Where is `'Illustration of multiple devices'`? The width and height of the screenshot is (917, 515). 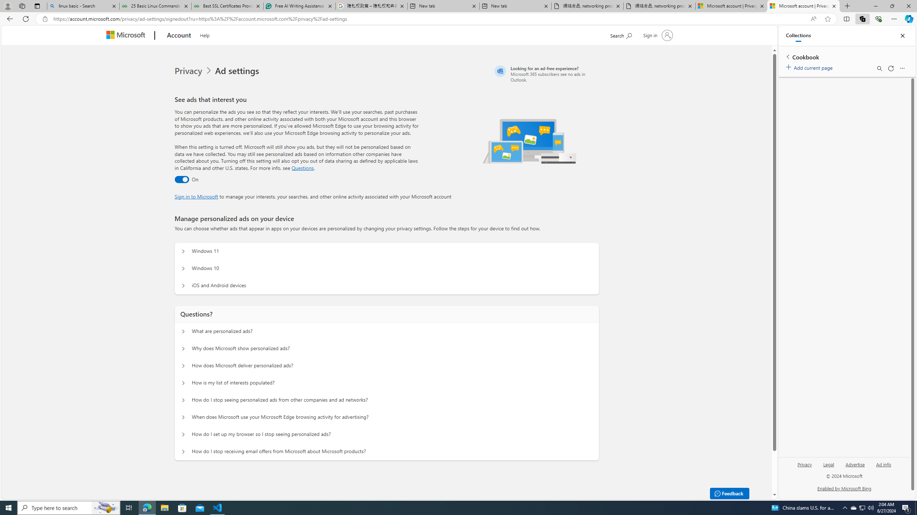
'Illustration of multiple devices' is located at coordinates (529, 141).